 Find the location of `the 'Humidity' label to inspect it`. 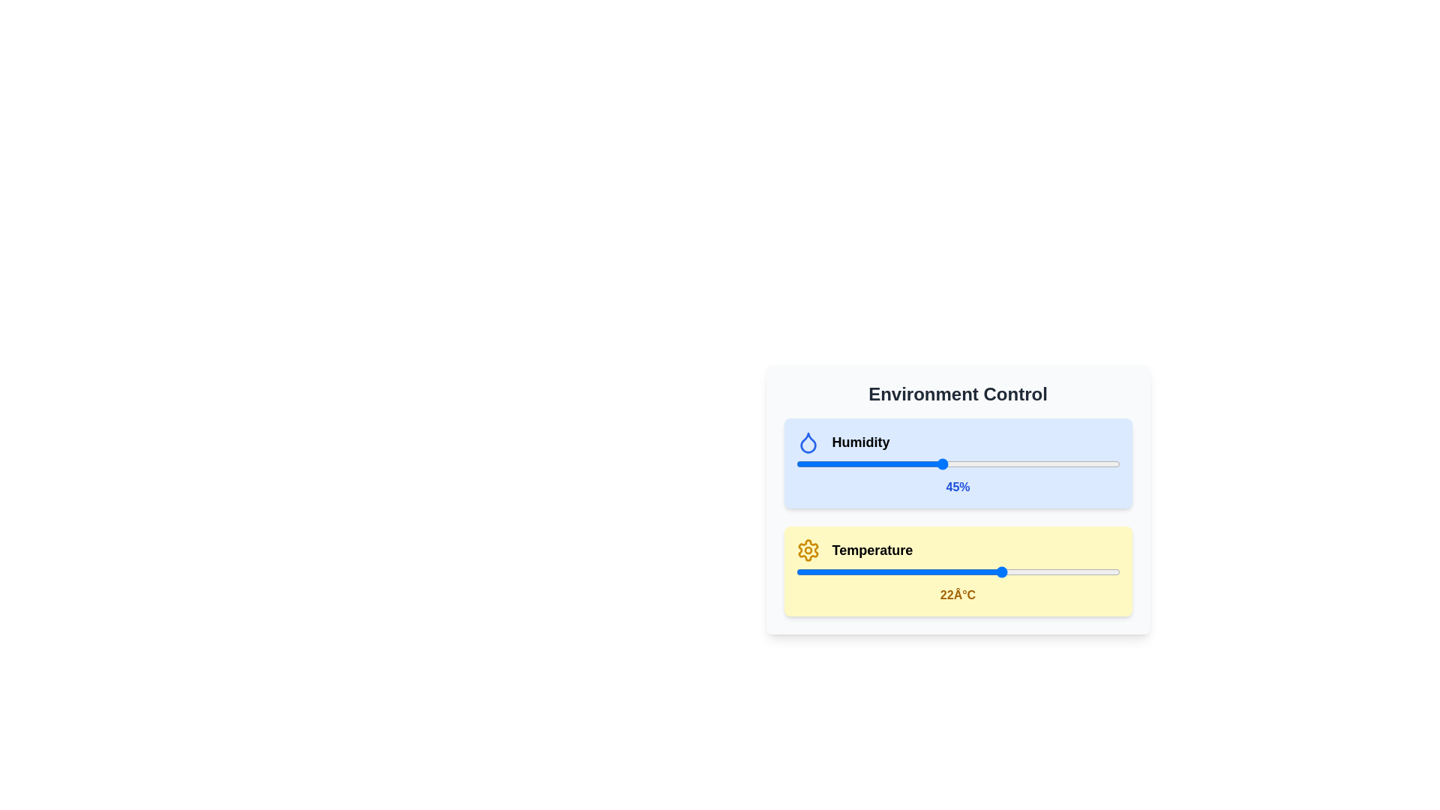

the 'Humidity' label to inspect it is located at coordinates (860, 442).